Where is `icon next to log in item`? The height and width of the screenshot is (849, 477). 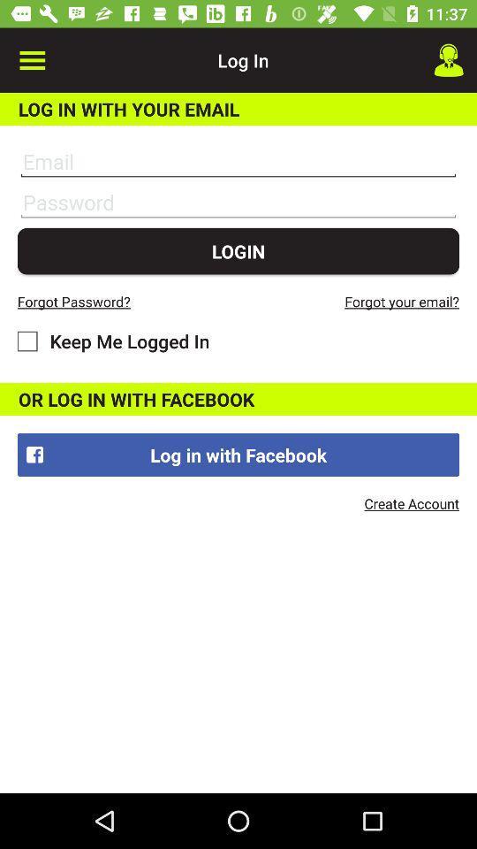 icon next to log in item is located at coordinates (449, 60).